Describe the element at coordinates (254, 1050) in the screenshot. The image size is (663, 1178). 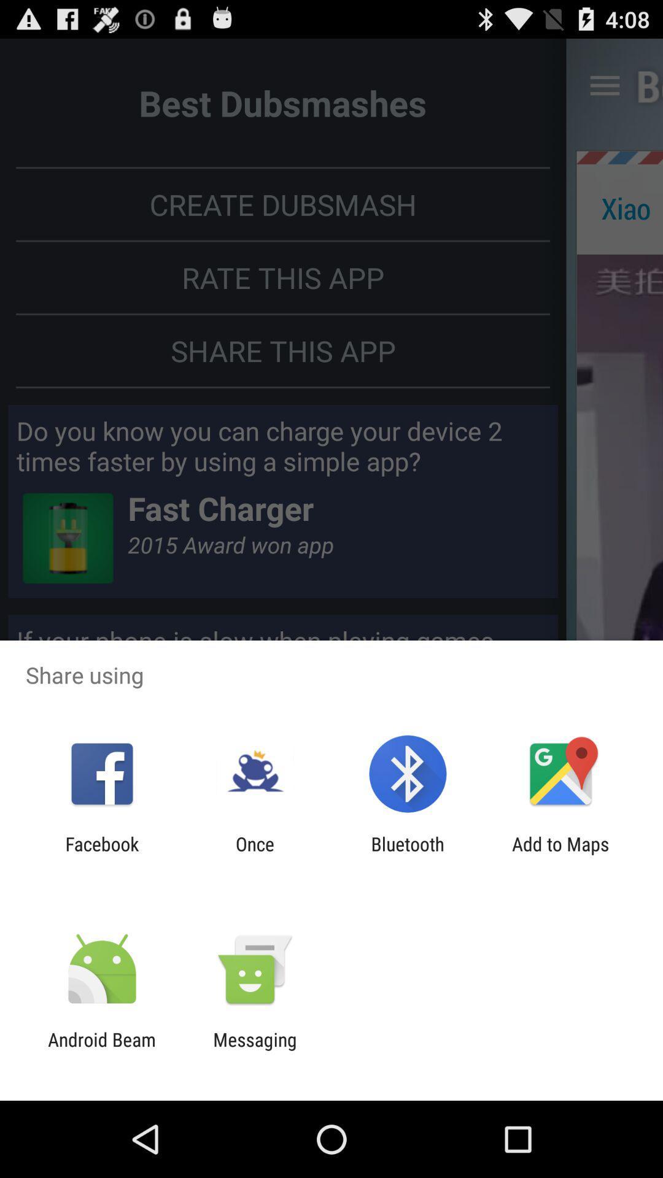
I see `item next to android beam item` at that location.